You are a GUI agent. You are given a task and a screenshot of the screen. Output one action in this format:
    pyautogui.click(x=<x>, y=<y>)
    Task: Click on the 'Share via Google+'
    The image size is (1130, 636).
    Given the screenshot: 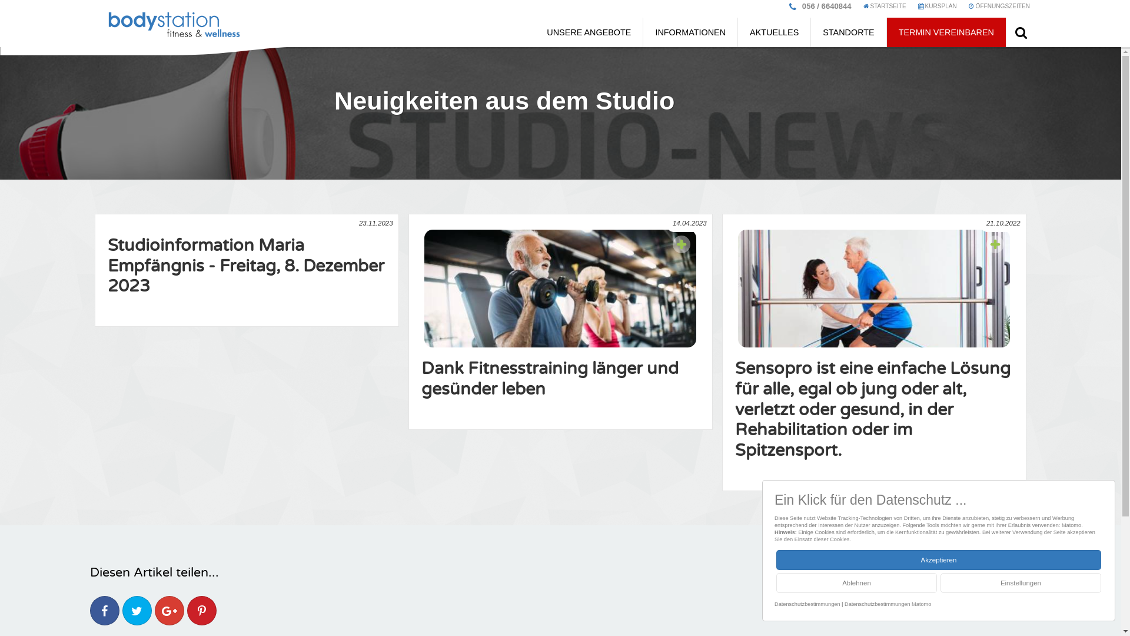 What is the action you would take?
    pyautogui.click(x=160, y=610)
    